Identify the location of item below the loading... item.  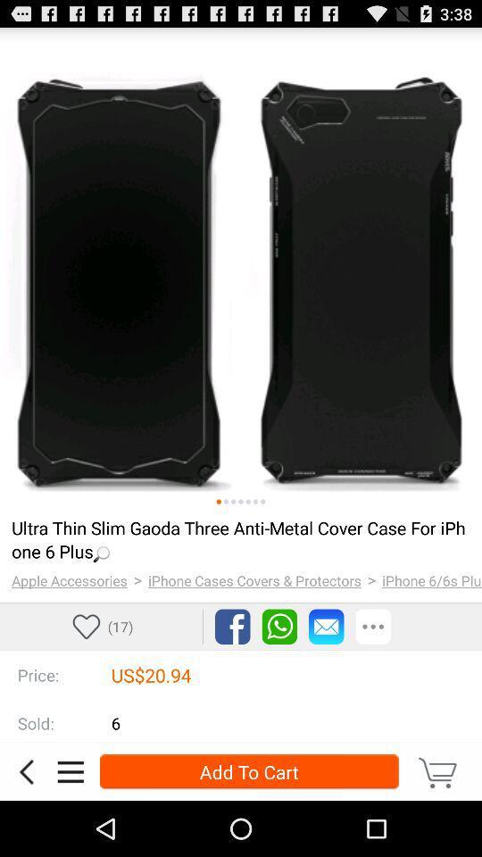
(253, 579).